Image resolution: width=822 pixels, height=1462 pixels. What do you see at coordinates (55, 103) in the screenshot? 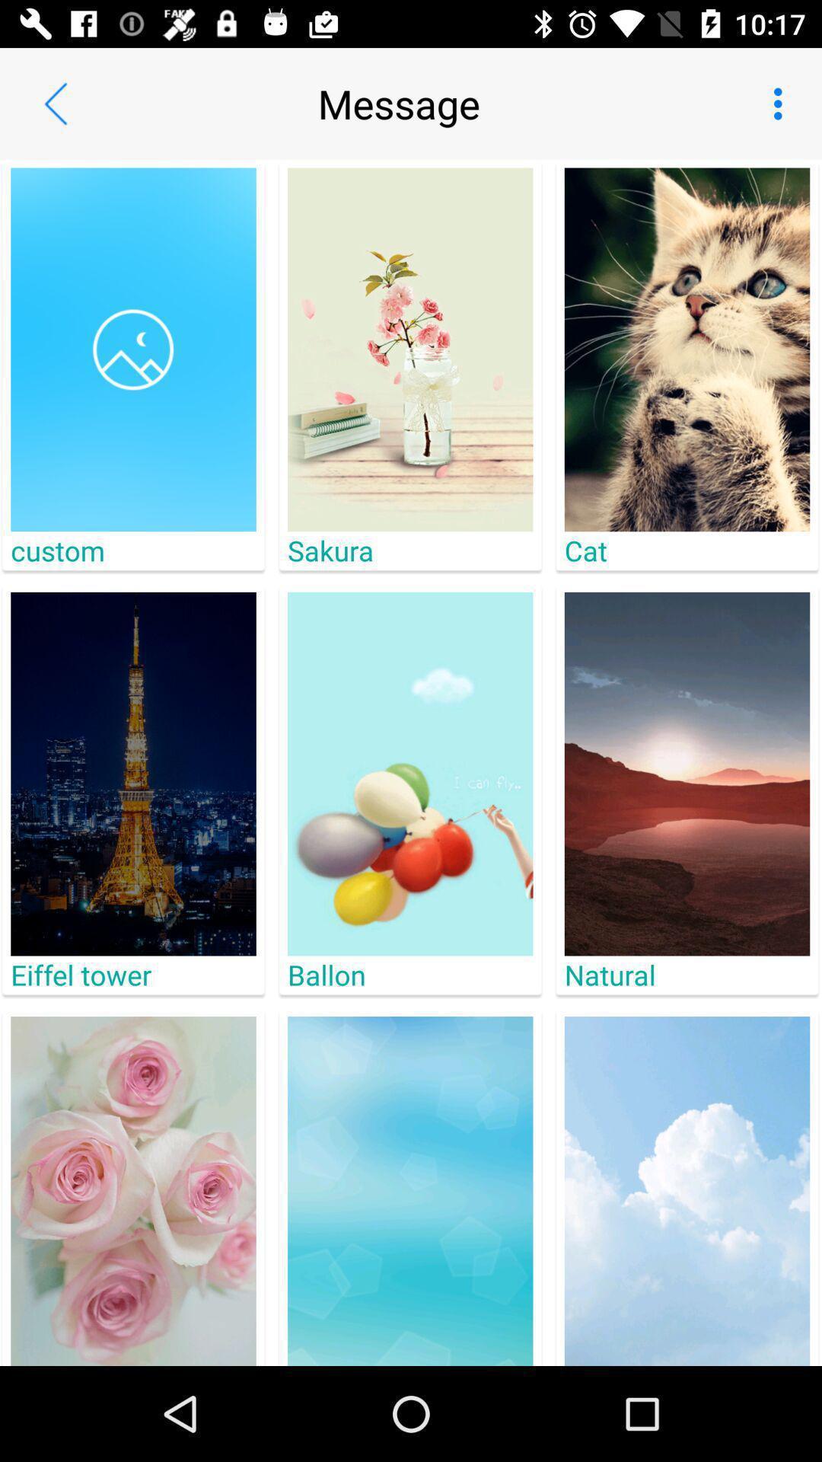
I see `item next to the message` at bounding box center [55, 103].